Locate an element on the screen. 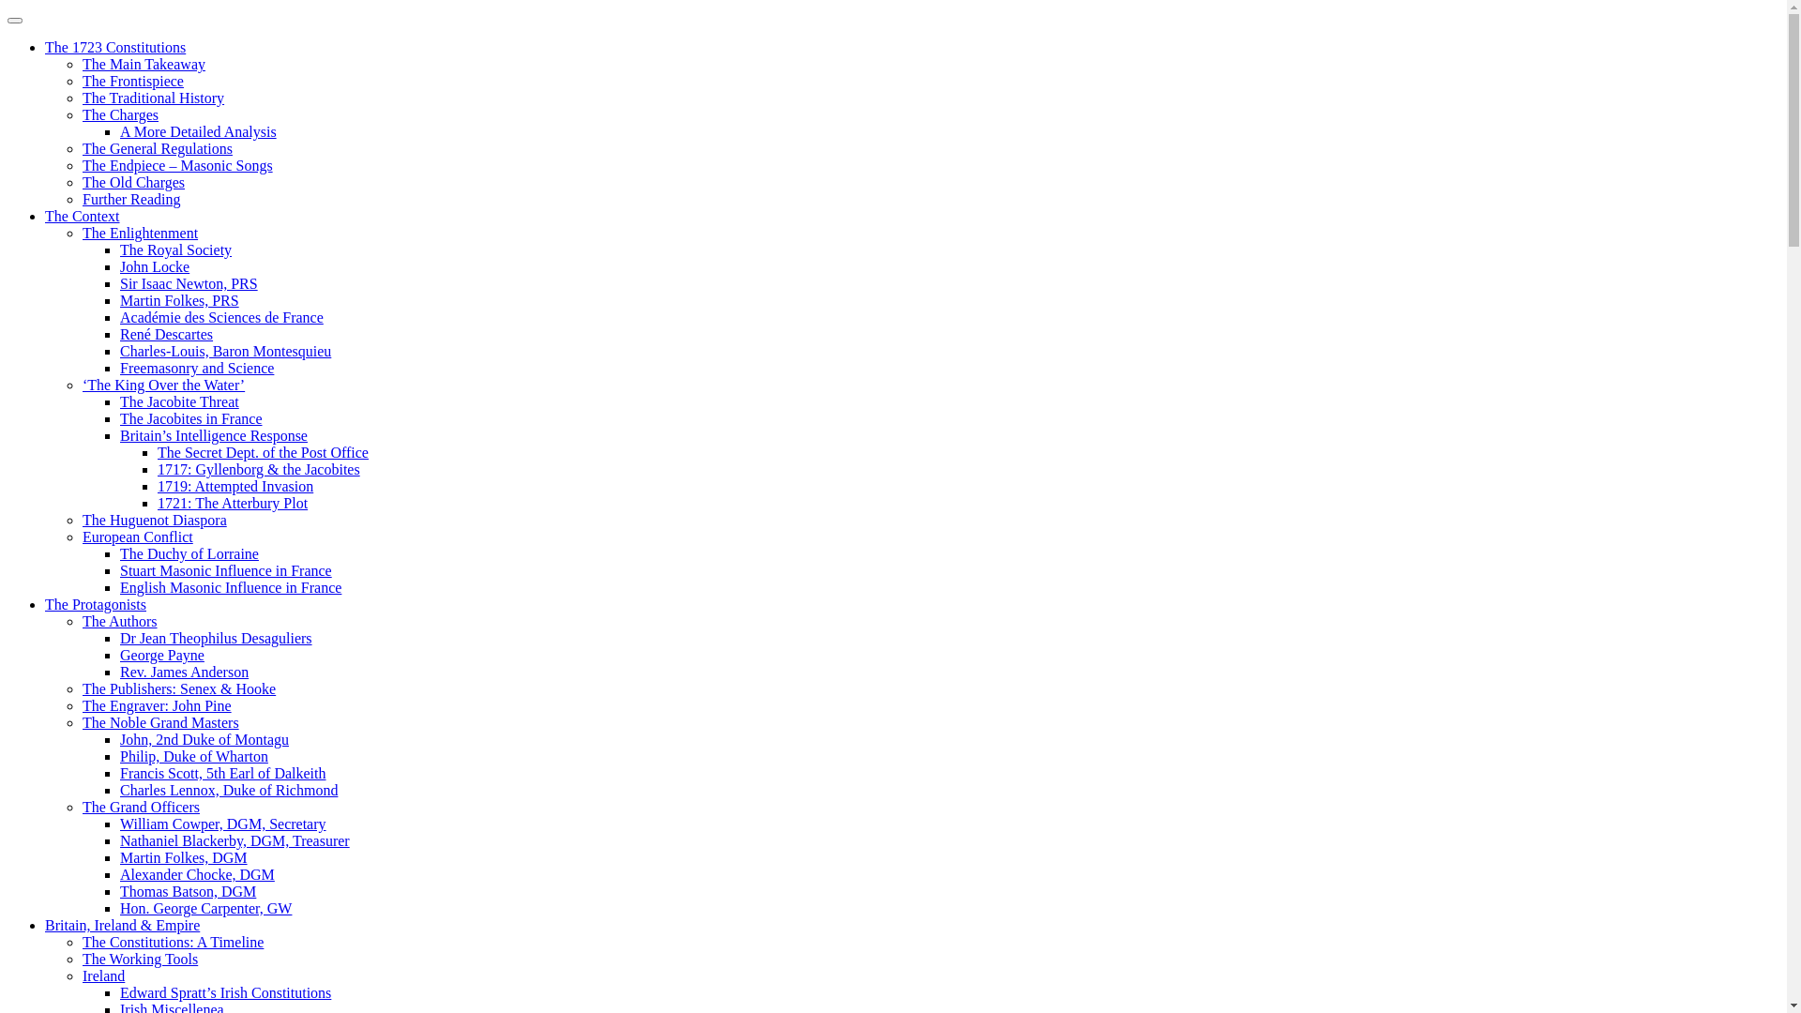  'The Charges' is located at coordinates (119, 114).